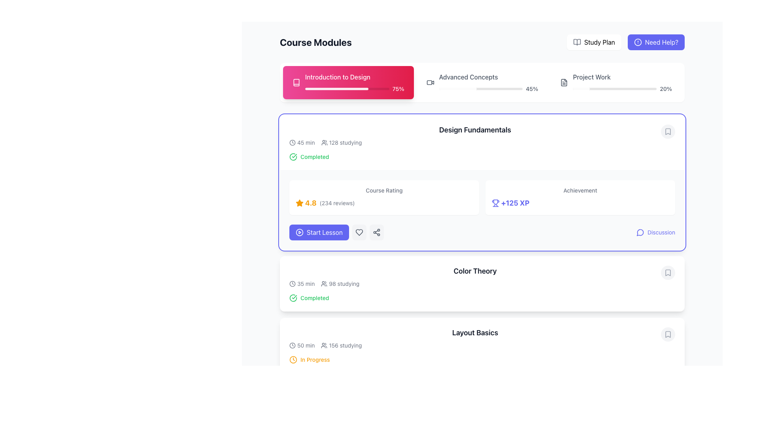 Image resolution: width=759 pixels, height=427 pixels. I want to click on the bookmark icon button, which is styled as an outlined graphic and located at the right end of the 'Layout Basics' section, so click(667, 334).